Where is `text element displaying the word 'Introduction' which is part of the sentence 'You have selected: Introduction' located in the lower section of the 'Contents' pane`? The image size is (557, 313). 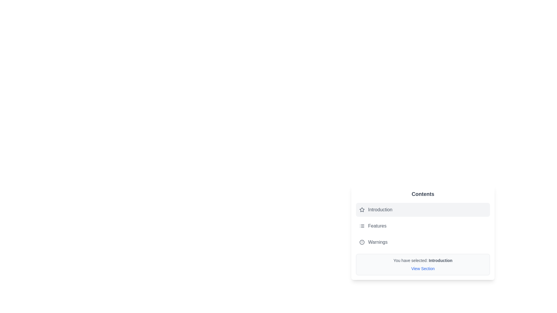
text element displaying the word 'Introduction' which is part of the sentence 'You have selected: Introduction' located in the lower section of the 'Contents' pane is located at coordinates (440, 260).